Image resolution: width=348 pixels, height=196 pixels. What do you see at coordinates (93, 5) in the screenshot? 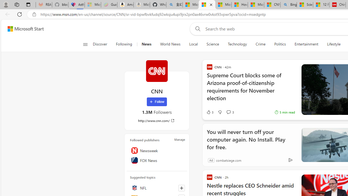
I see `'Microsoft-Report a Concern to Bing - Sleeping'` at bounding box center [93, 5].